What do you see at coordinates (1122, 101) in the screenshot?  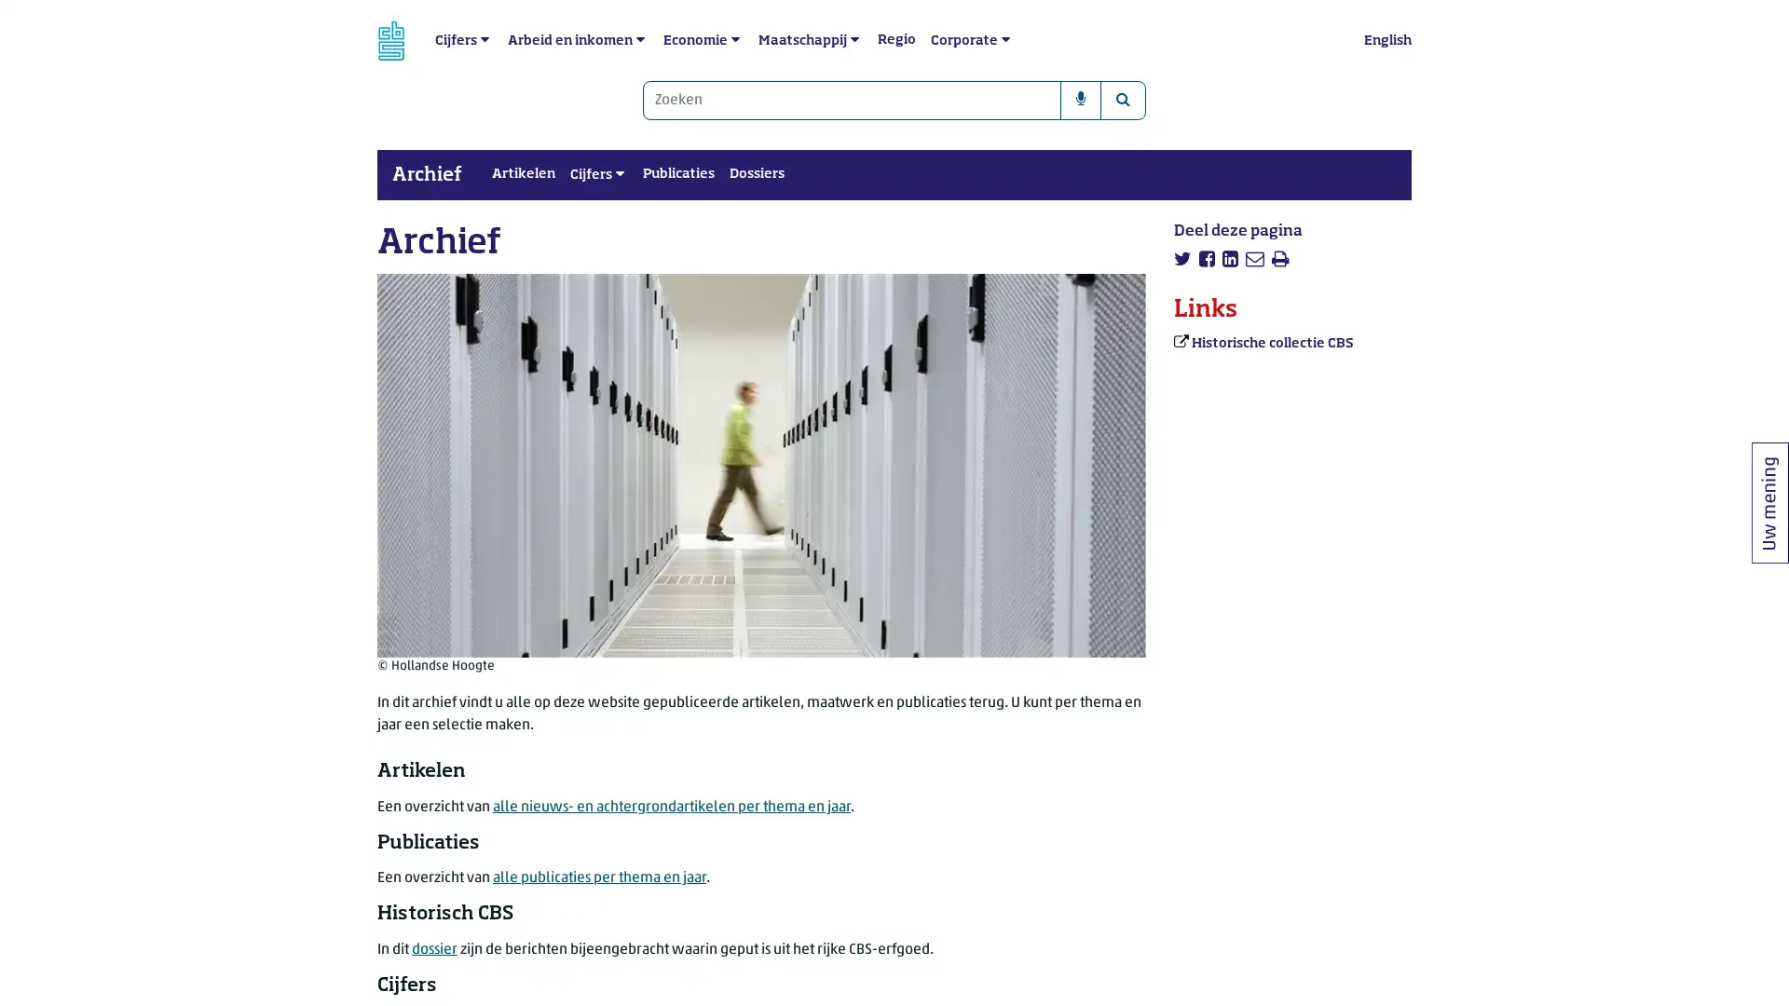 I see `Zoeken` at bounding box center [1122, 101].